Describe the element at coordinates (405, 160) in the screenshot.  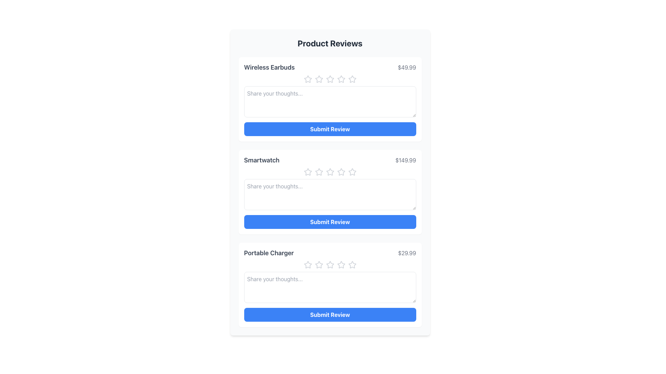
I see `the price display Text Label located in the second product review card titled 'Smartwatch', positioned to the far-right of the card, horizontally aligned with the product title and vertically centered` at that location.